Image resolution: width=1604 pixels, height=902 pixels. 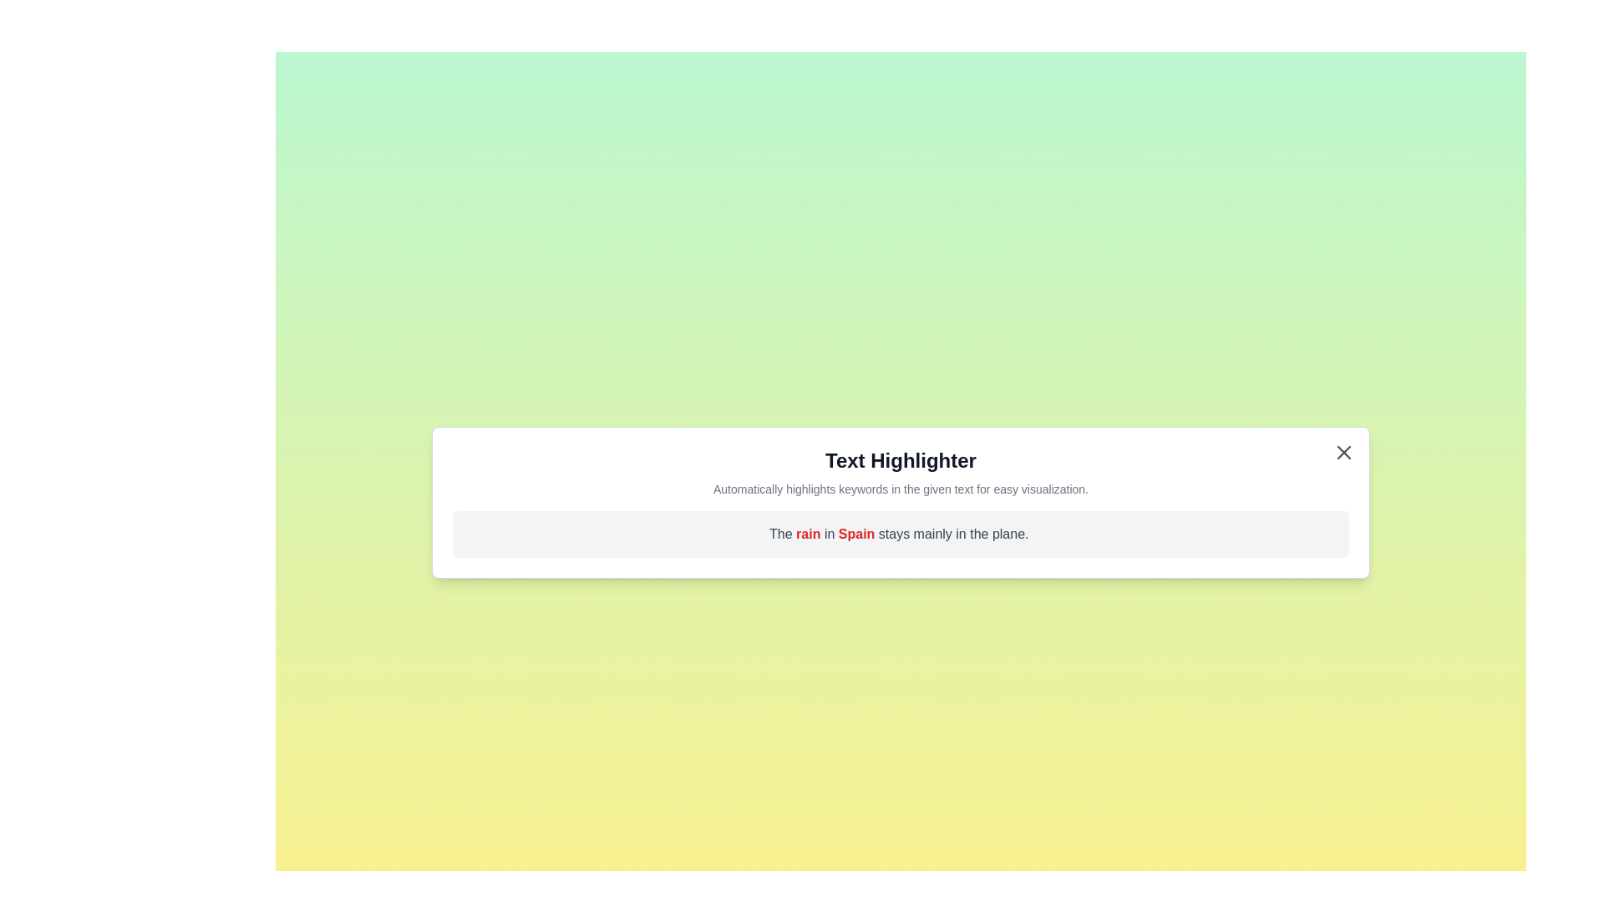 What do you see at coordinates (933, 534) in the screenshot?
I see `the word mainly in the text` at bounding box center [933, 534].